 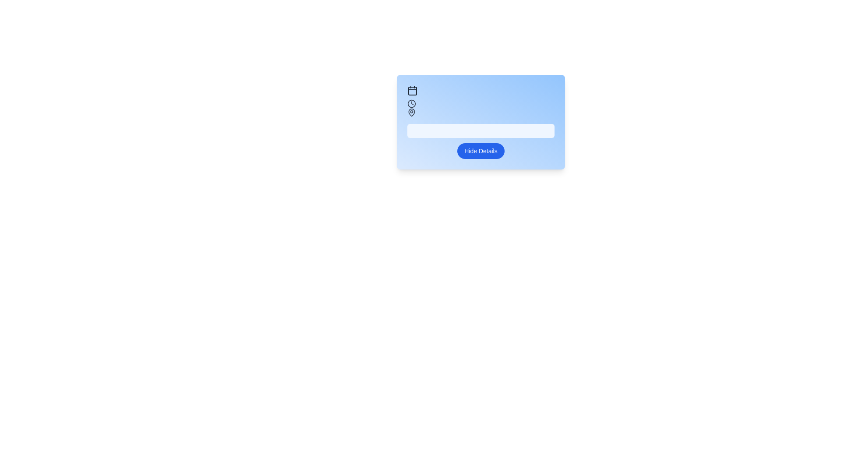 I want to click on the pin or marker icon, which is the third icon in the vertical sequence on the left side of the panel with a blue gradient background, so click(x=411, y=111).